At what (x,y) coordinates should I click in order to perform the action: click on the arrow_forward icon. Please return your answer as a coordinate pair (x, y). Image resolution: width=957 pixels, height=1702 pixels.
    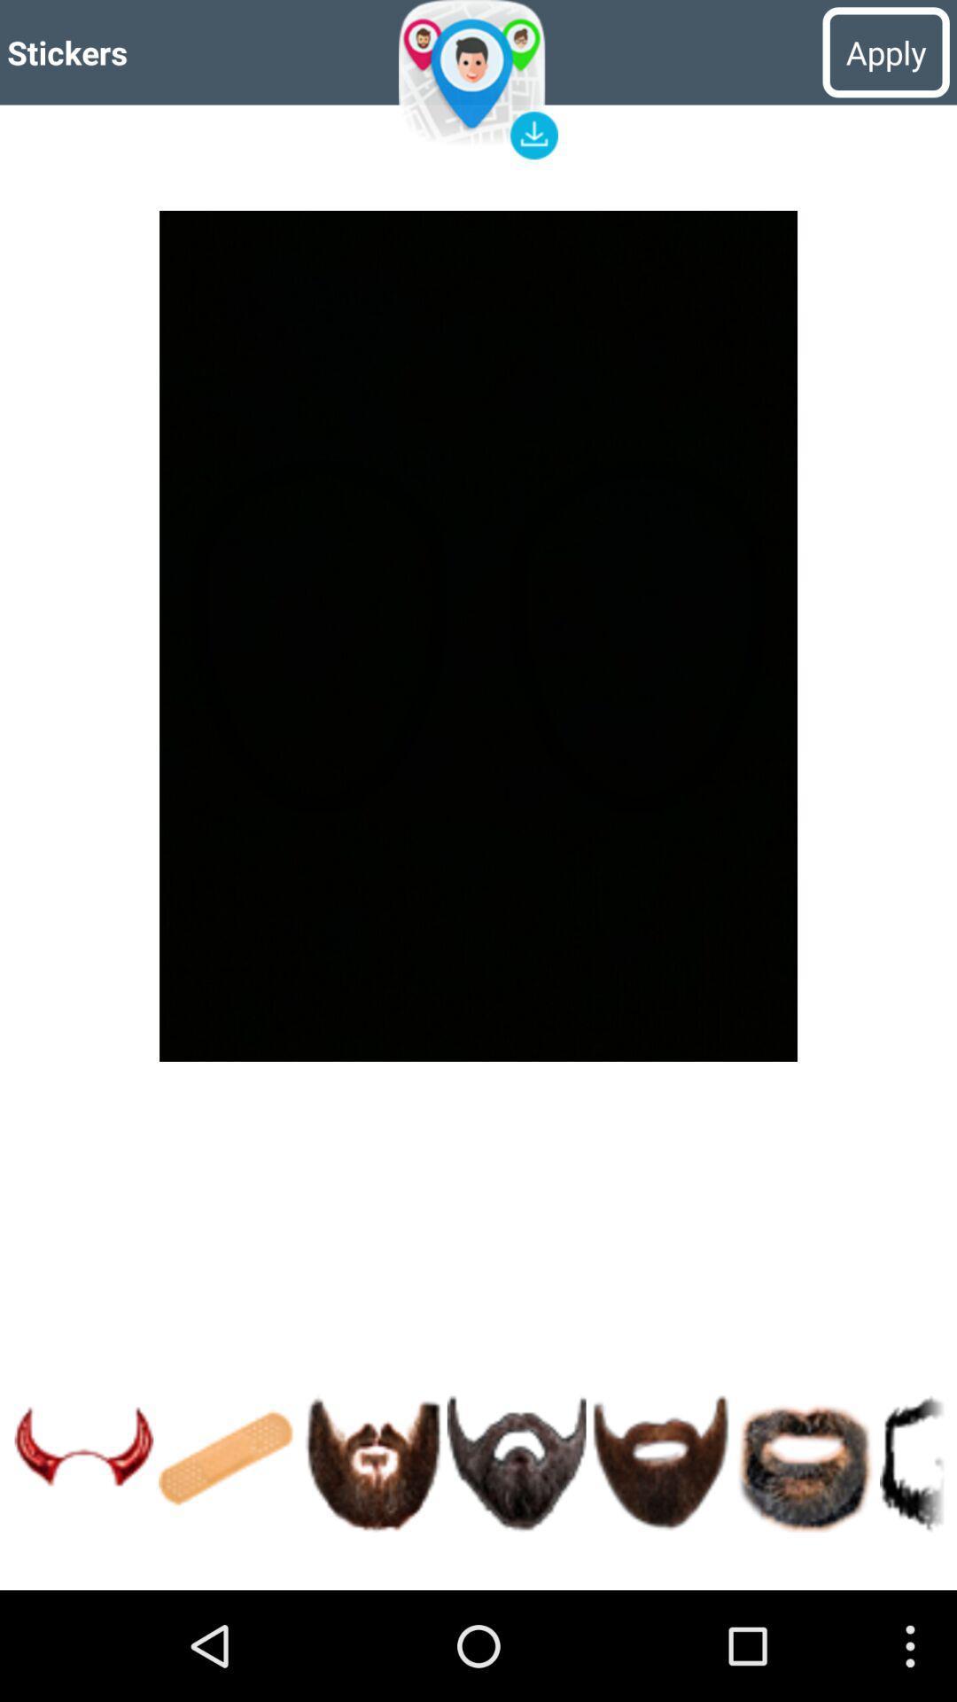
    Looking at the image, I should click on (83, 1565).